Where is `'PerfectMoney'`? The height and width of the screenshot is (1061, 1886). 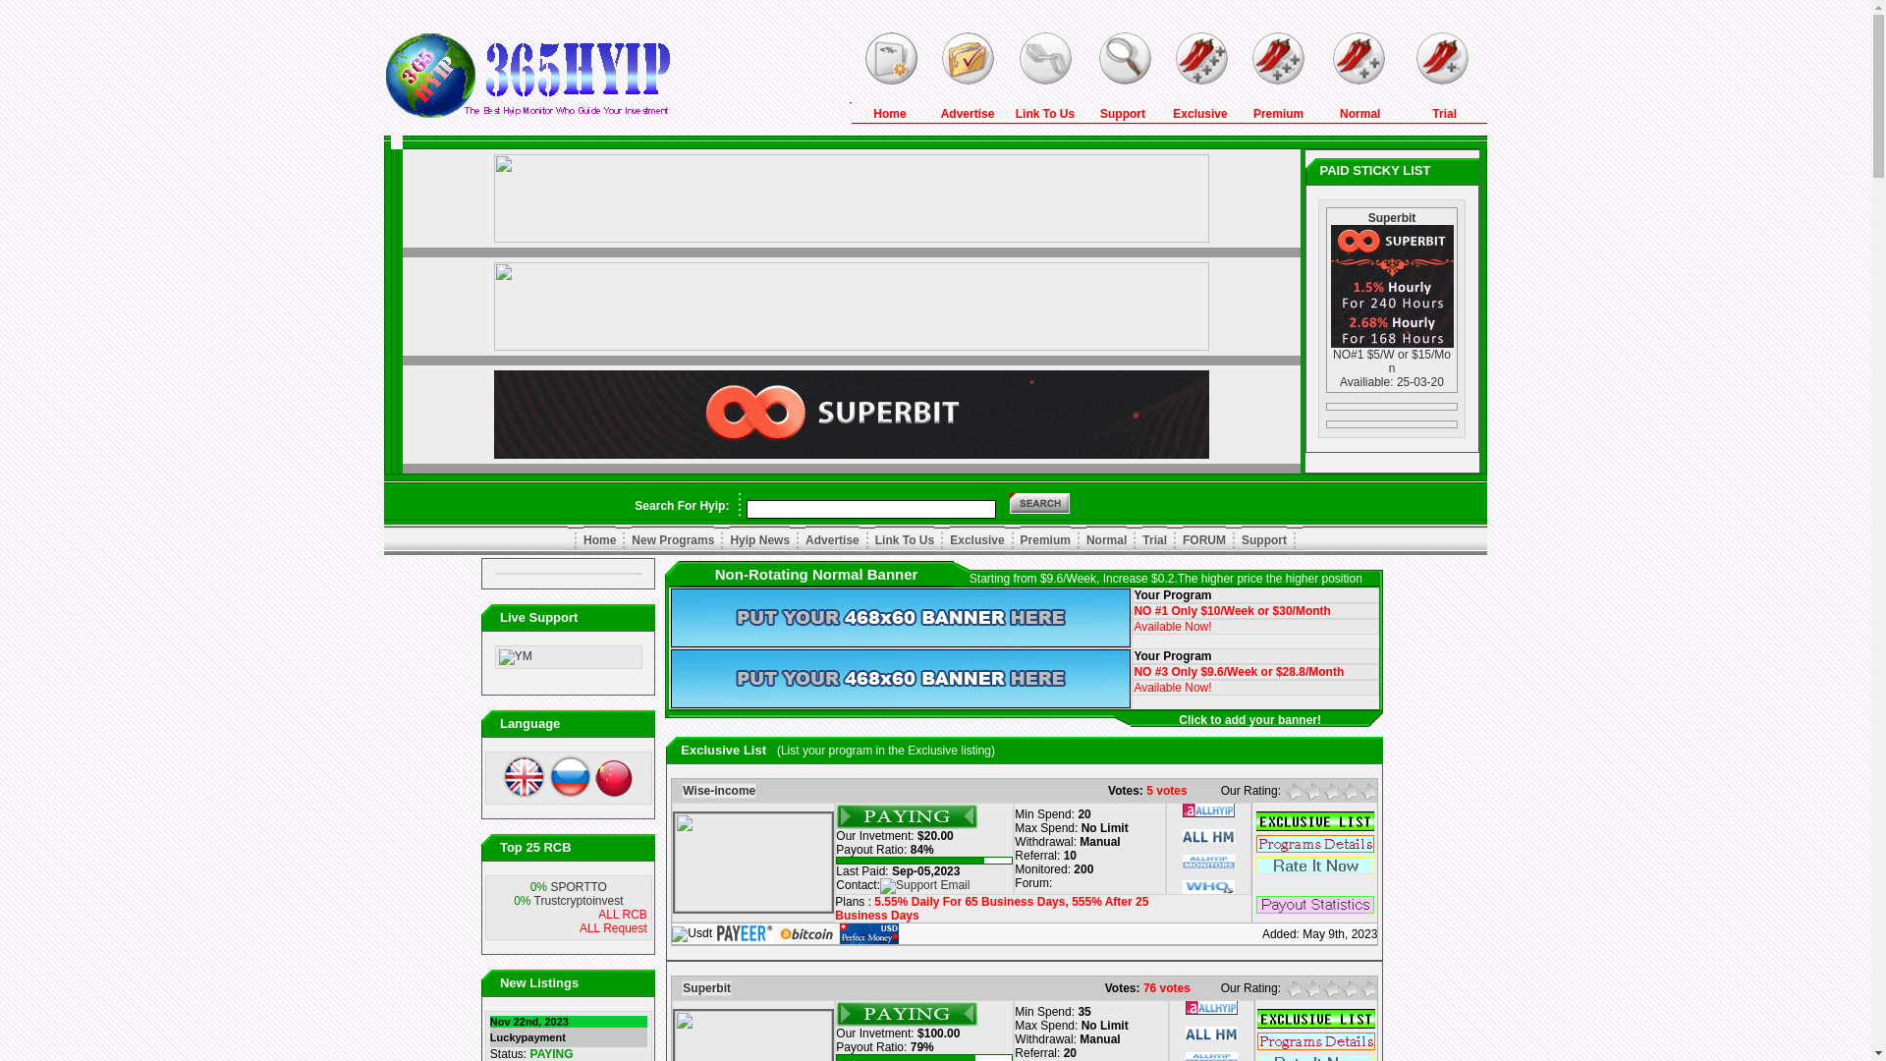
'PerfectMoney' is located at coordinates (867, 932).